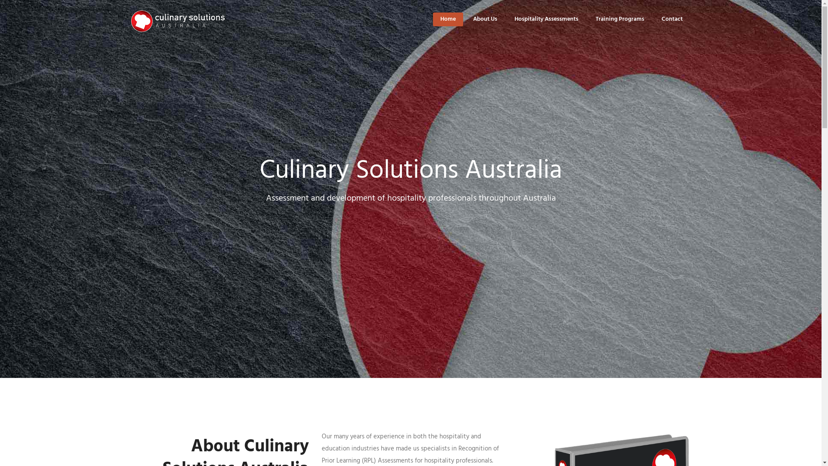 This screenshot has height=466, width=828. Describe the element at coordinates (619, 19) in the screenshot. I see `'Training Programs'` at that location.